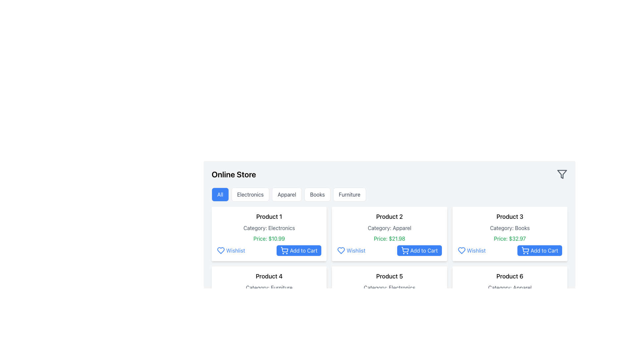 The width and height of the screenshot is (636, 358). What do you see at coordinates (220, 194) in the screenshot?
I see `the leftmost button labeled 'All'` at bounding box center [220, 194].